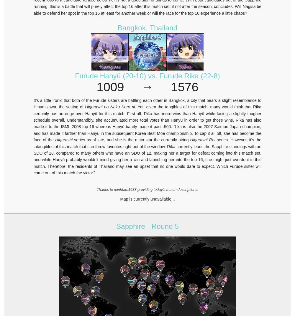  What do you see at coordinates (190, 140) in the screenshot?
I see `'Higurashi Rei'` at bounding box center [190, 140].